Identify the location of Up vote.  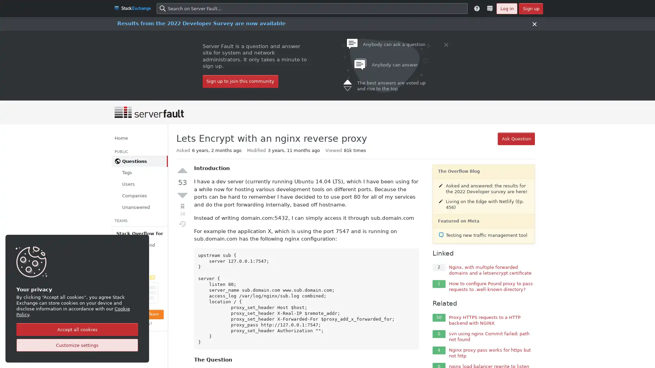
(182, 170).